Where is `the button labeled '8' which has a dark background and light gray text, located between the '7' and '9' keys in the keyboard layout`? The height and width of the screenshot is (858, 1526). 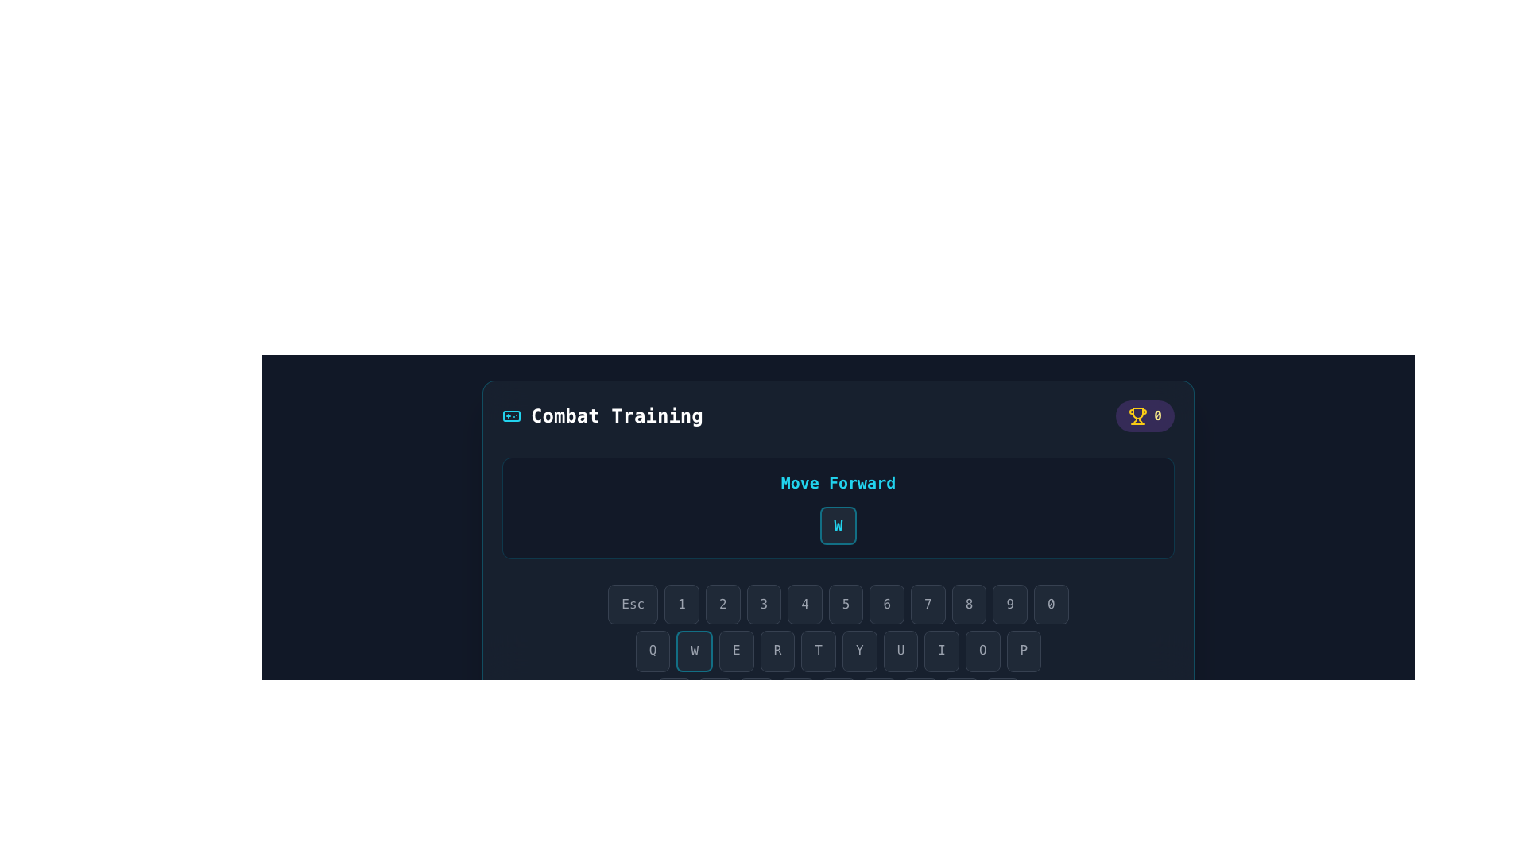
the button labeled '8' which has a dark background and light gray text, located between the '7' and '9' keys in the keyboard layout is located at coordinates (968, 604).